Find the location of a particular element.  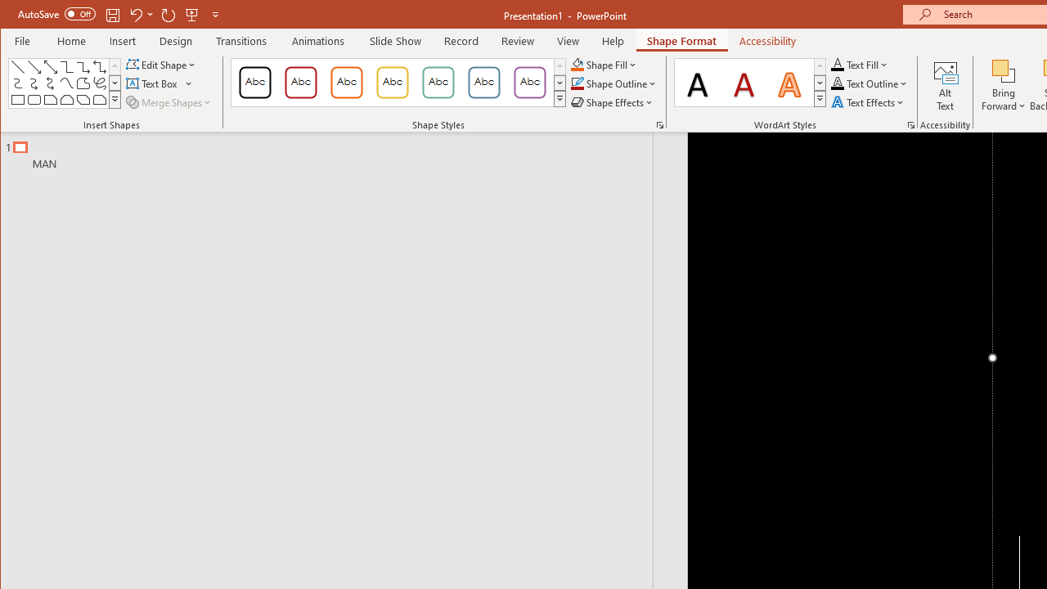

'Text Effects' is located at coordinates (868, 102).